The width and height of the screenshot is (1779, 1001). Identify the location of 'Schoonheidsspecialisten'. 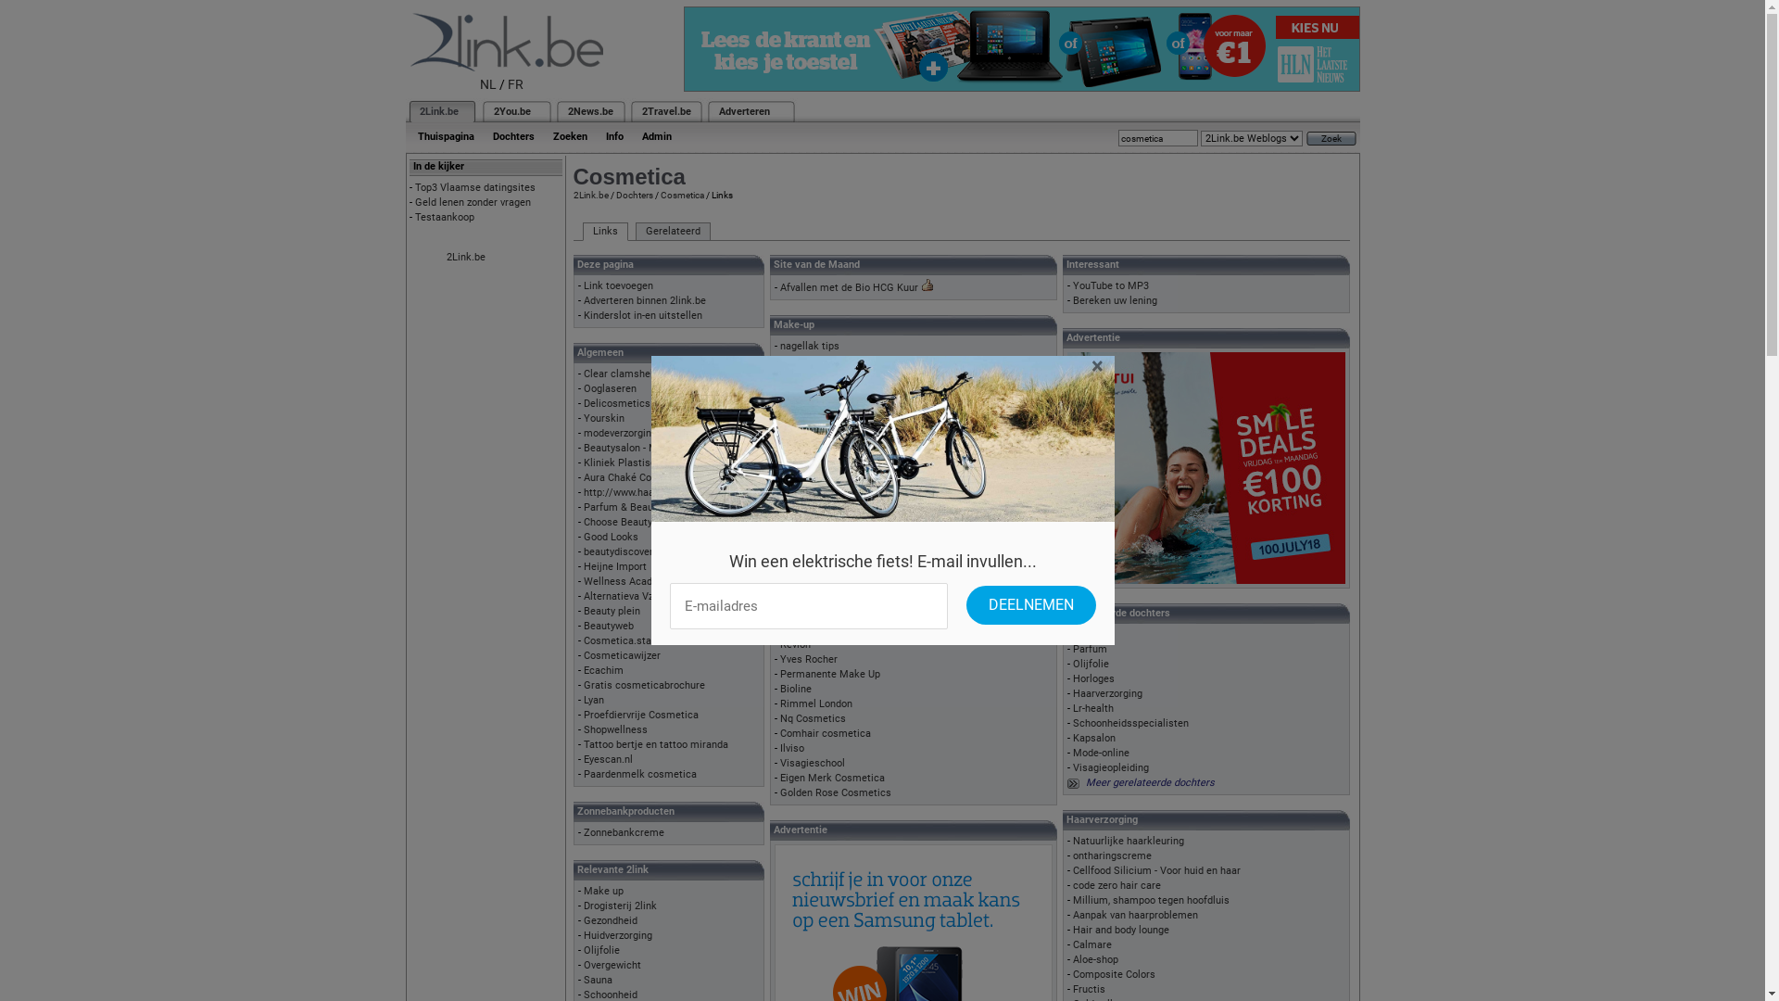
(1129, 722).